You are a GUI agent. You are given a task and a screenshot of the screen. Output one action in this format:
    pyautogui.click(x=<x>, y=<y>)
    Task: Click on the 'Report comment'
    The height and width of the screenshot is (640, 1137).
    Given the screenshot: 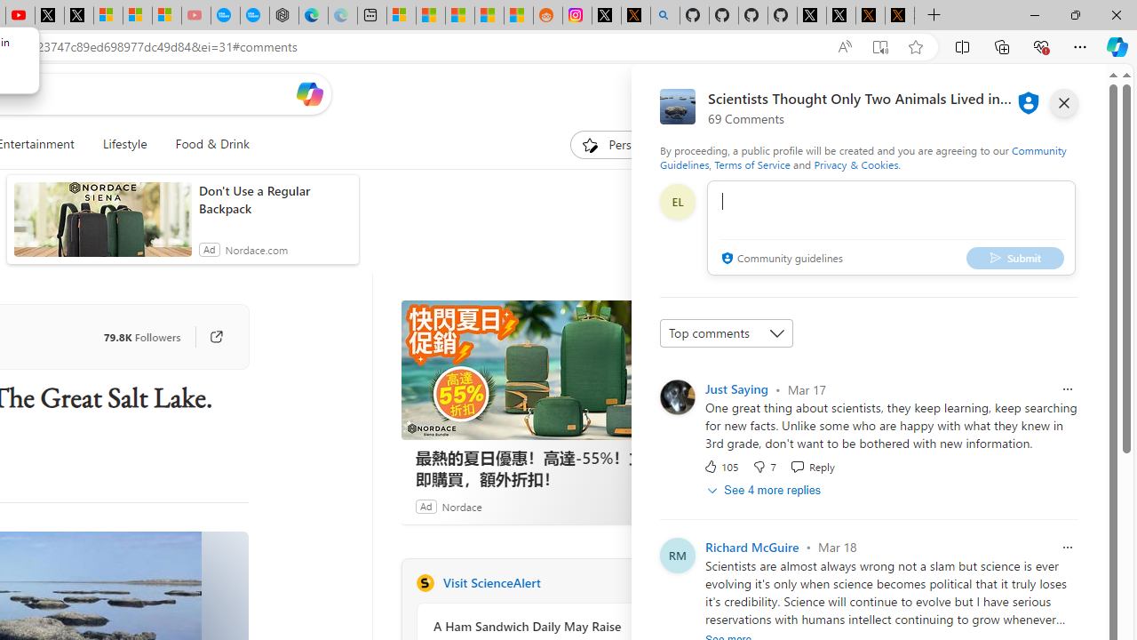 What is the action you would take?
    pyautogui.click(x=1066, y=546)
    